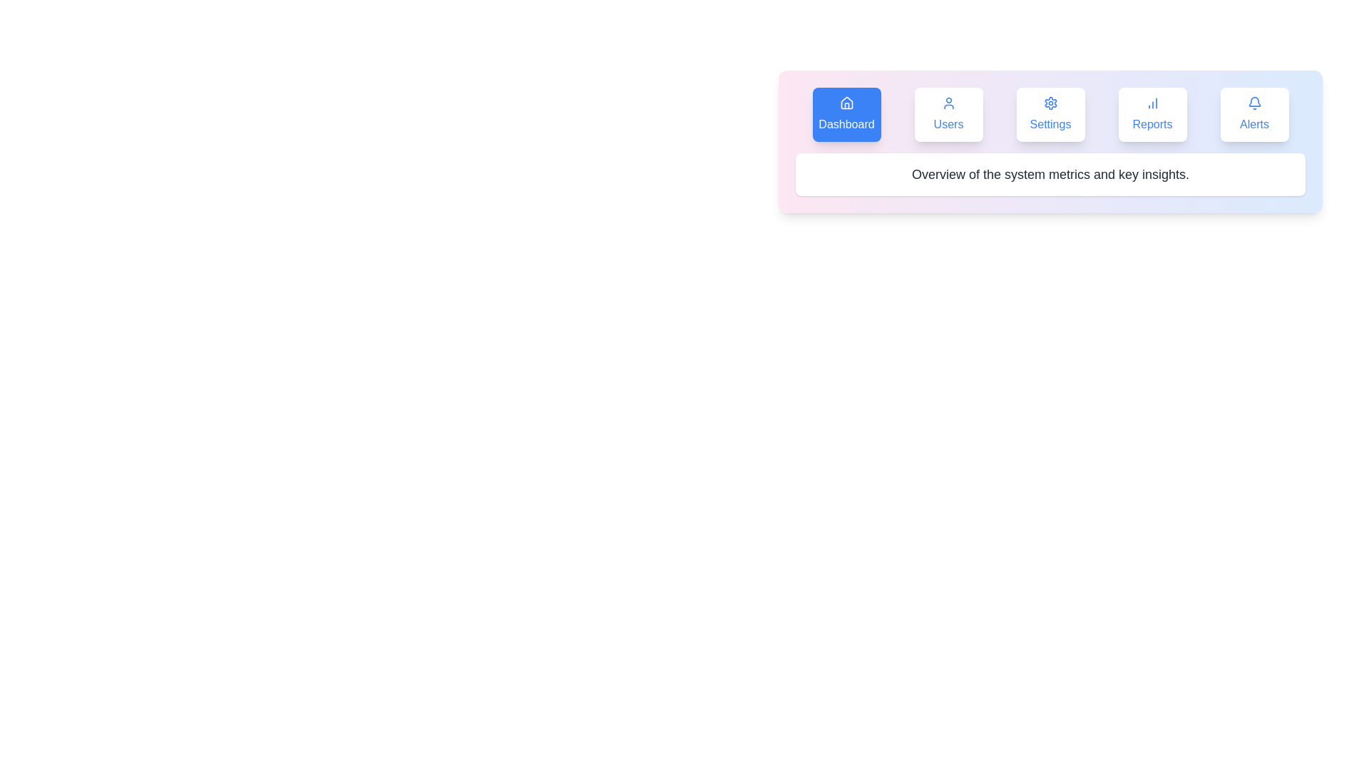 The image size is (1369, 770). What do you see at coordinates (1050, 114) in the screenshot?
I see `the 'Settings' button, which is the third button from the left in a row of five buttons` at bounding box center [1050, 114].